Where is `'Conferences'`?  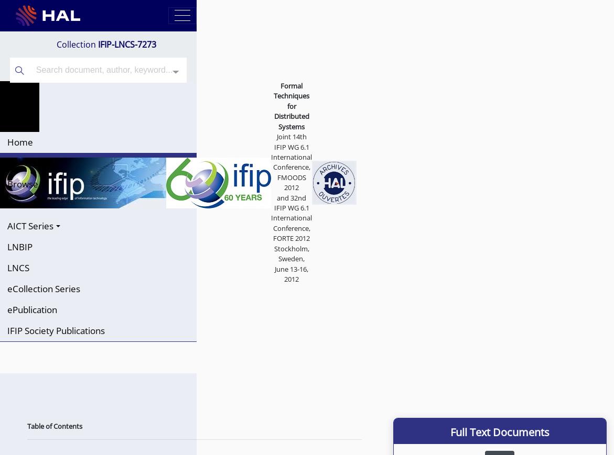 'Conferences' is located at coordinates (34, 204).